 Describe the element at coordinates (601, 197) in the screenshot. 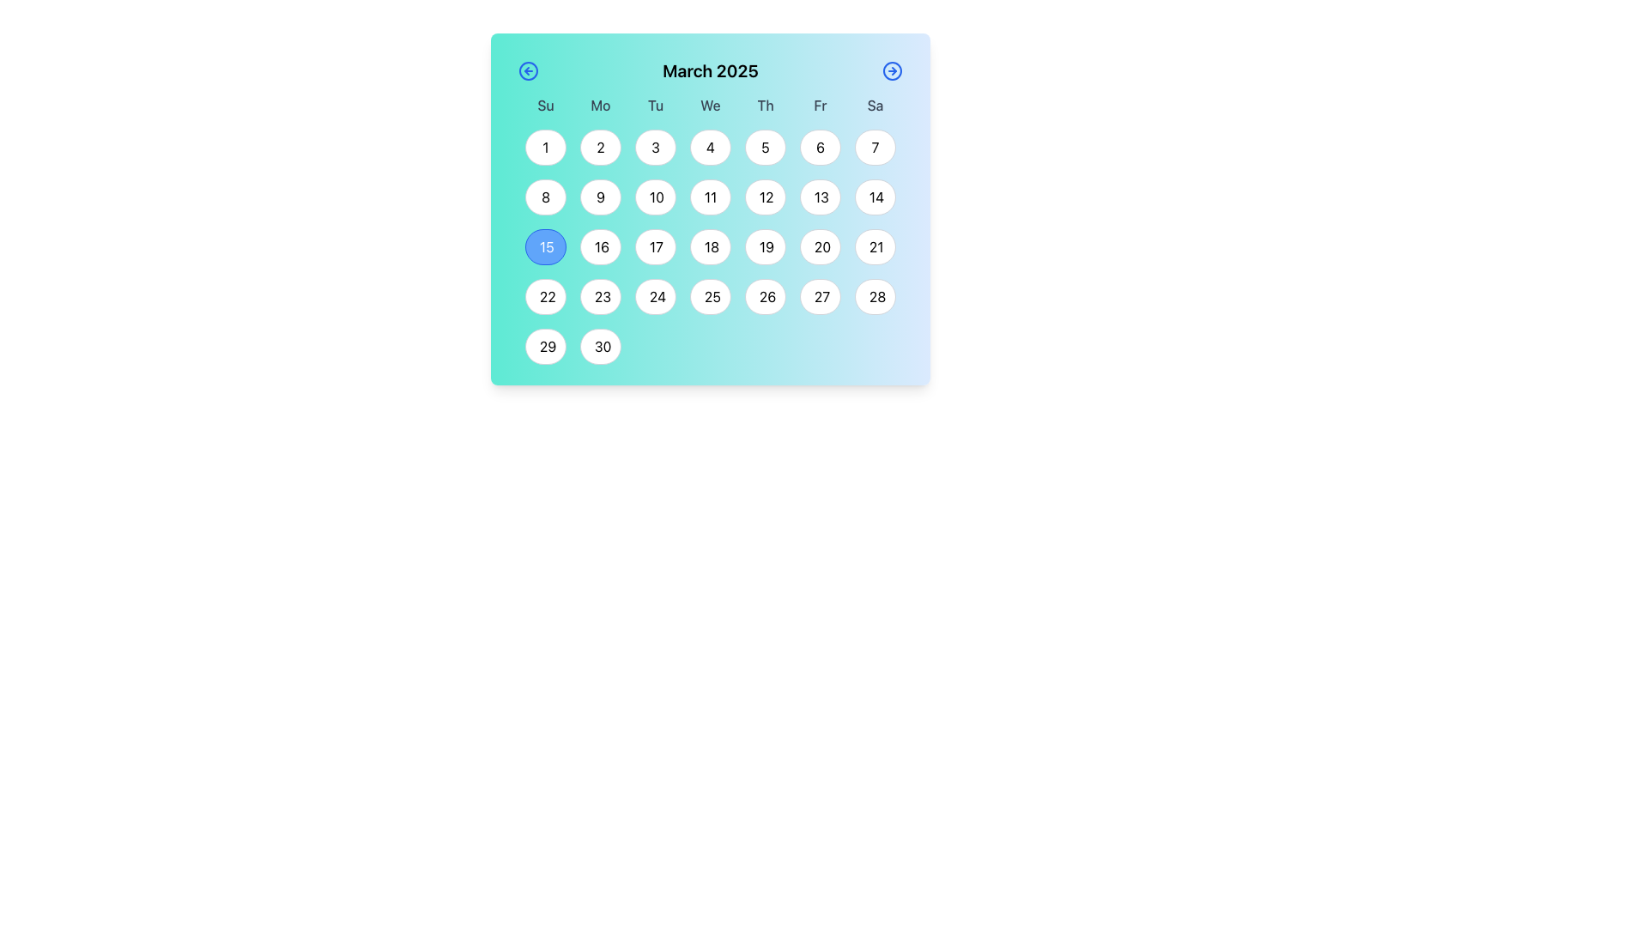

I see `the rounded button with the numeral '9' centered on it` at that location.